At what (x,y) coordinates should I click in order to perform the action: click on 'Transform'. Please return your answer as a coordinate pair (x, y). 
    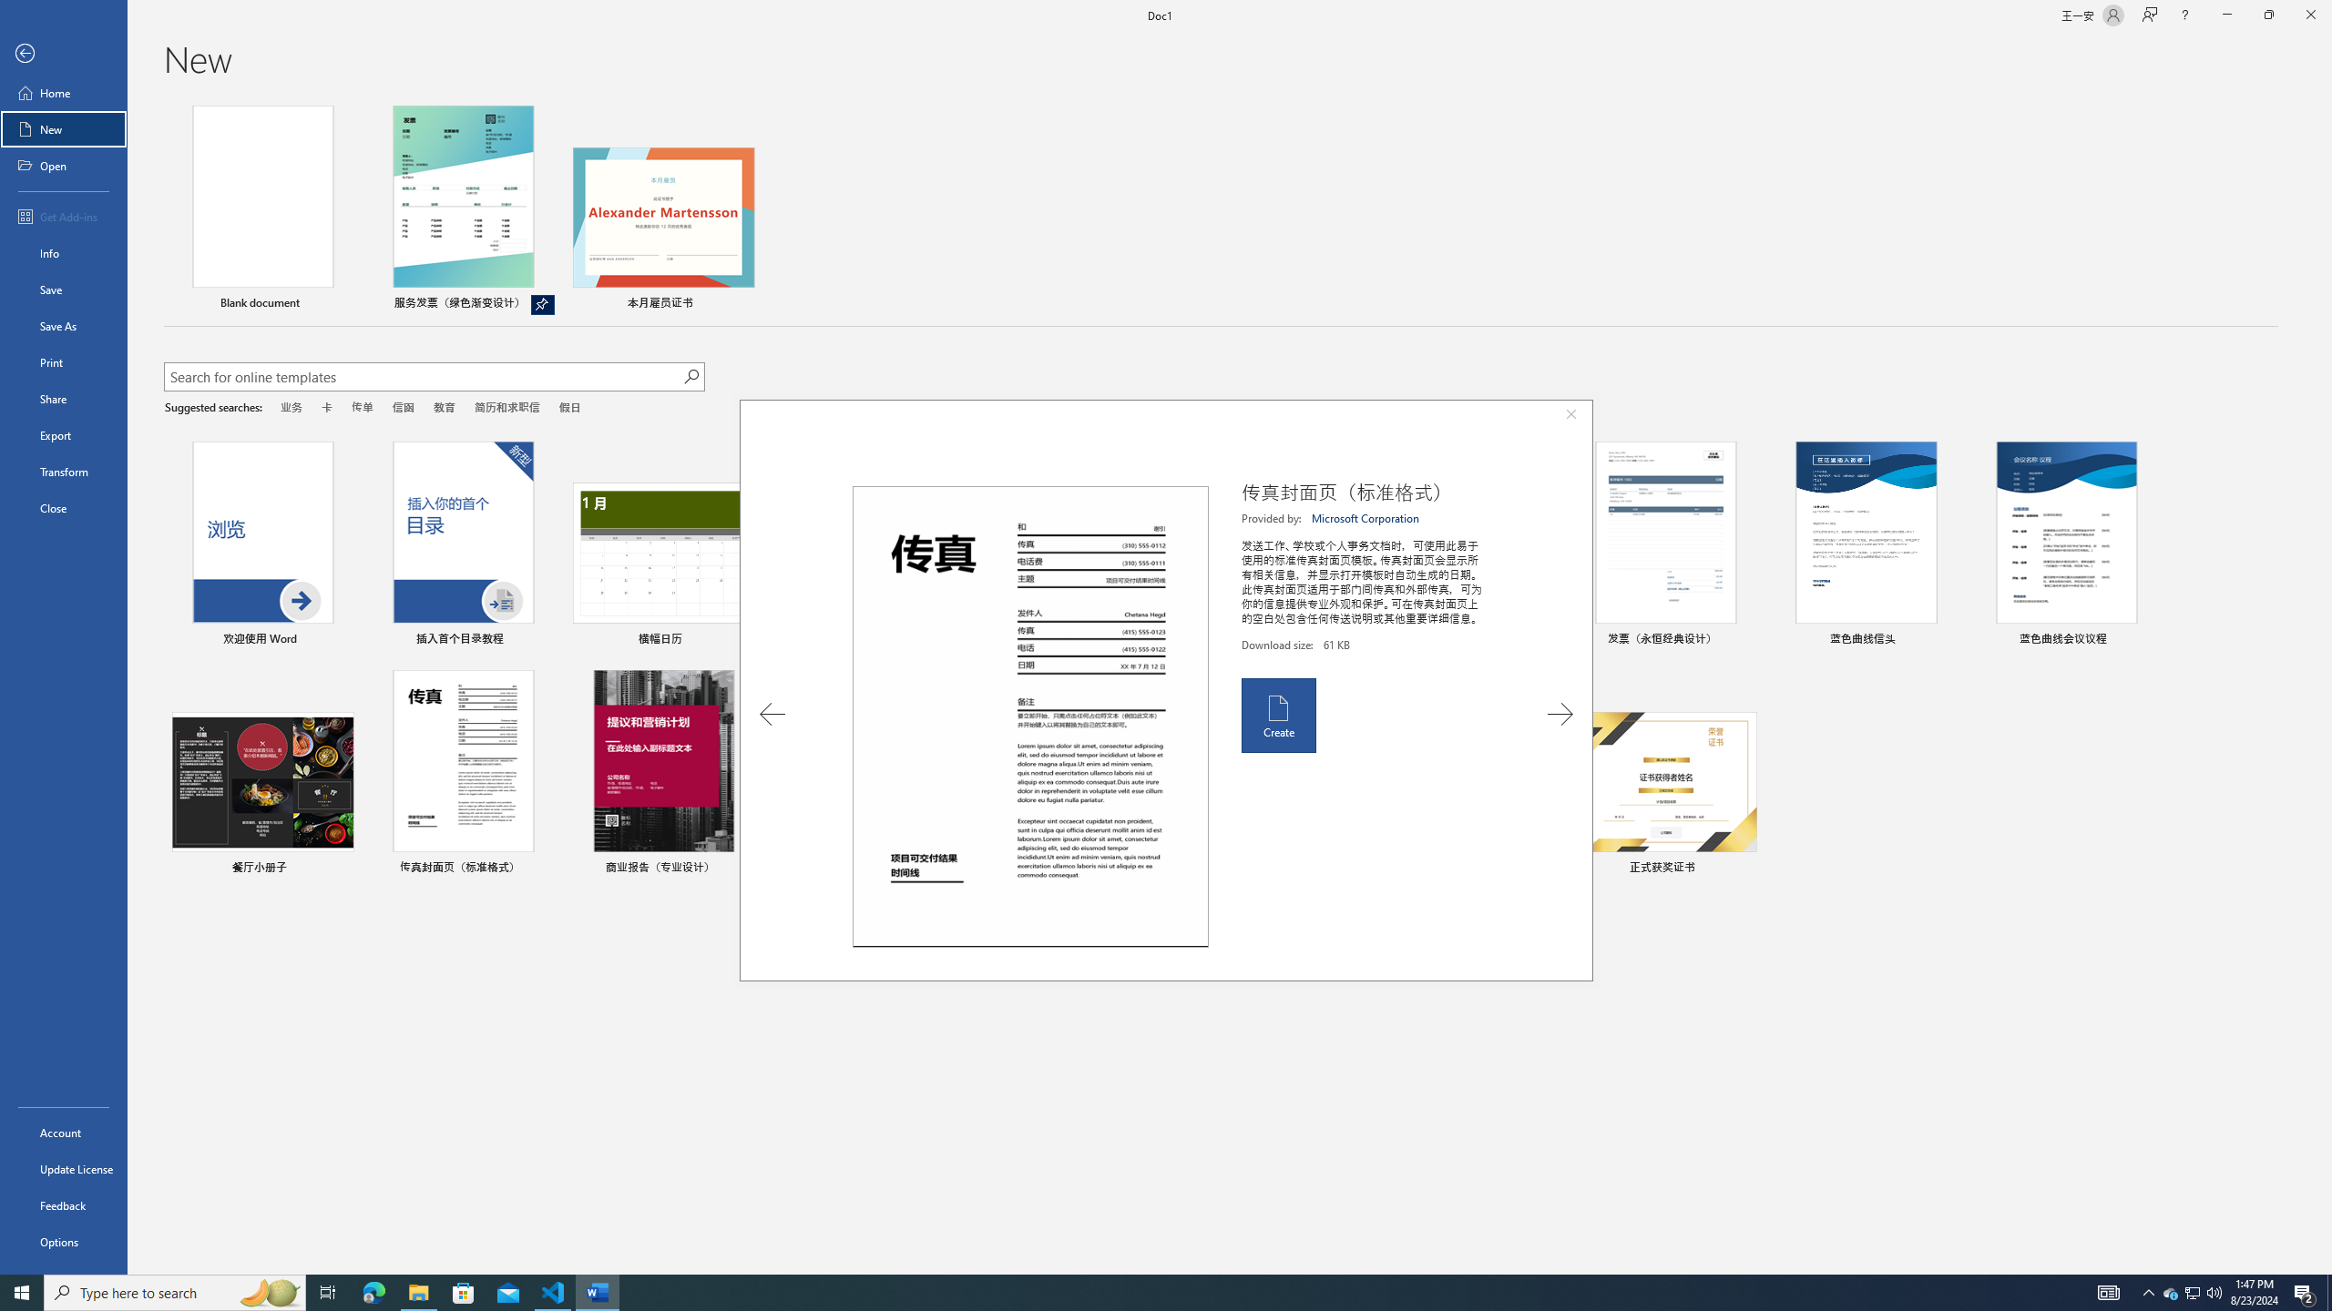
    Looking at the image, I should click on (63, 471).